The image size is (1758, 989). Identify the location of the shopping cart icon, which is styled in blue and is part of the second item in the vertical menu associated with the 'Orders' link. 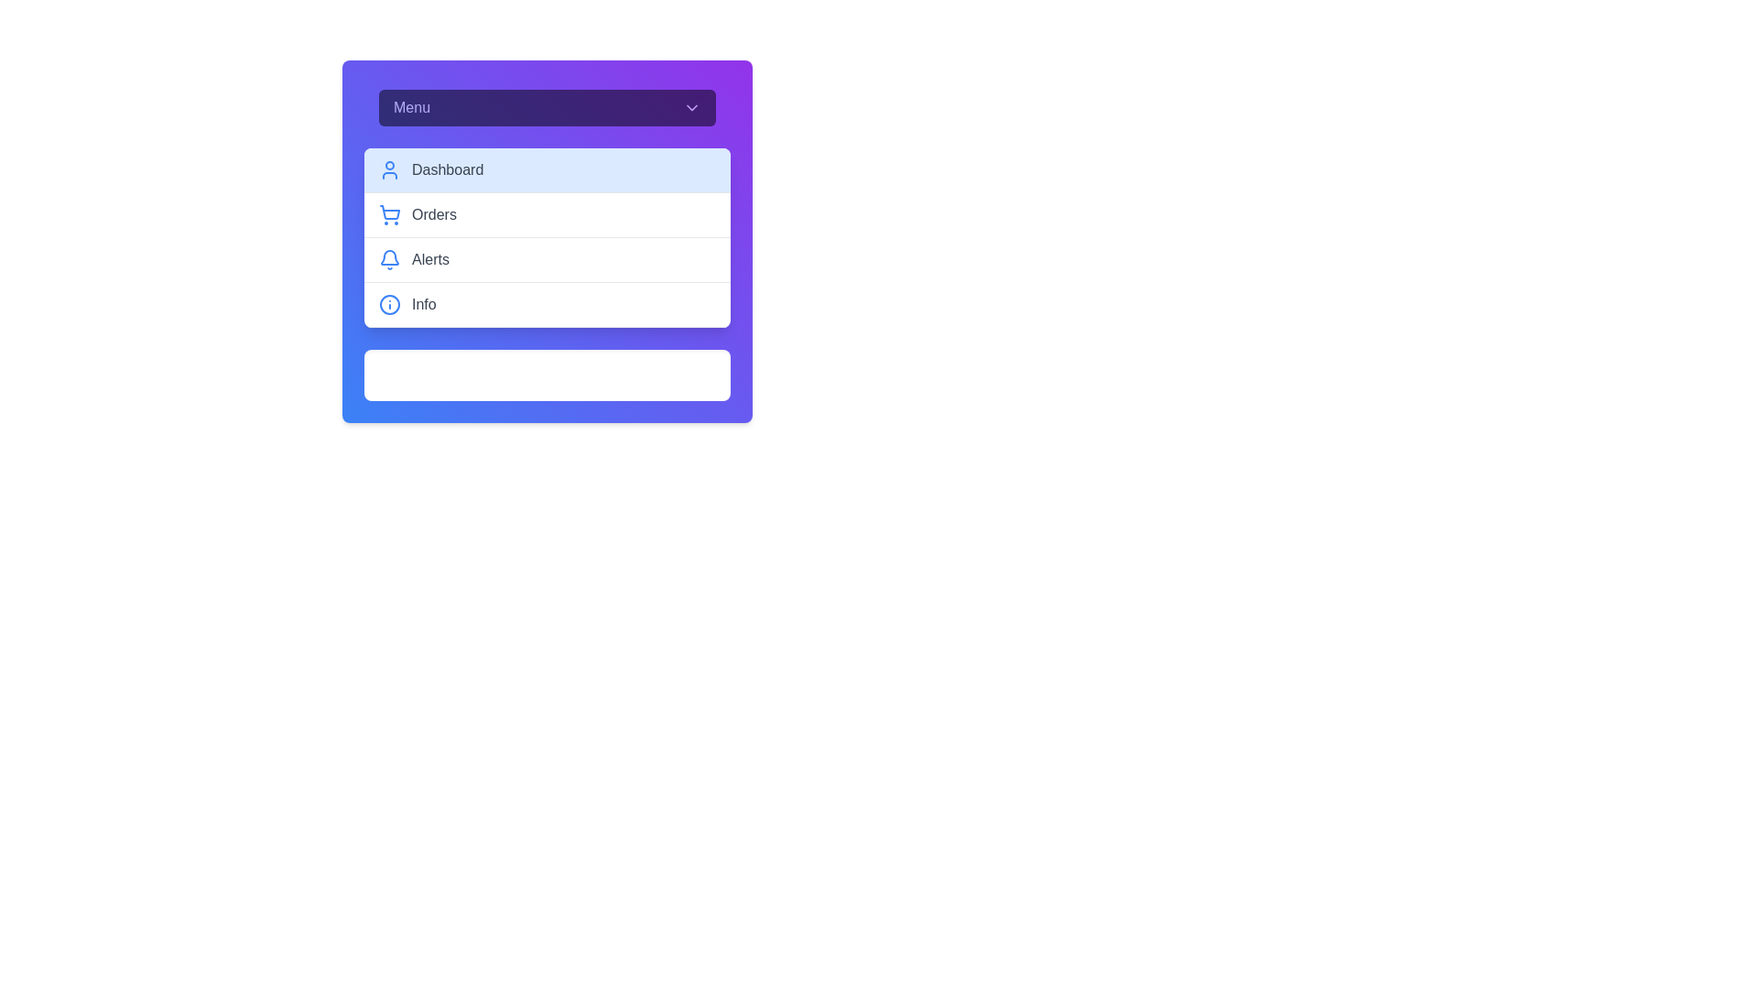
(389, 212).